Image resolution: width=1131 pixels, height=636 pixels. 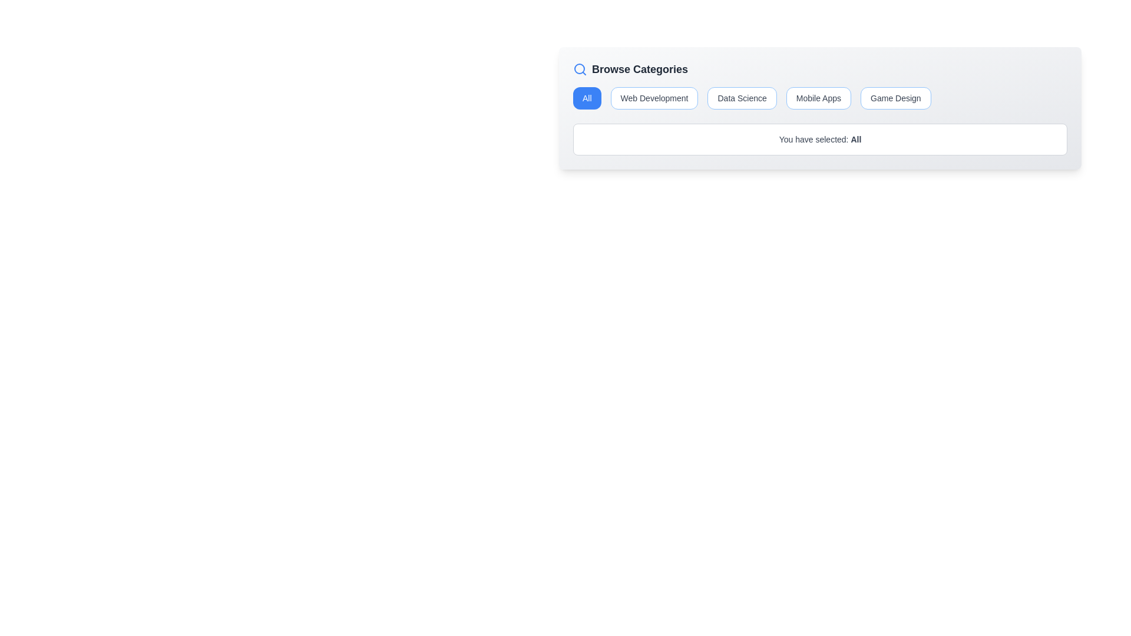 I want to click on the SVG circle component that represents the magnifying glass in the search icon, located in the top-left corner of the 'Browse Categories' panel, so click(x=579, y=68).